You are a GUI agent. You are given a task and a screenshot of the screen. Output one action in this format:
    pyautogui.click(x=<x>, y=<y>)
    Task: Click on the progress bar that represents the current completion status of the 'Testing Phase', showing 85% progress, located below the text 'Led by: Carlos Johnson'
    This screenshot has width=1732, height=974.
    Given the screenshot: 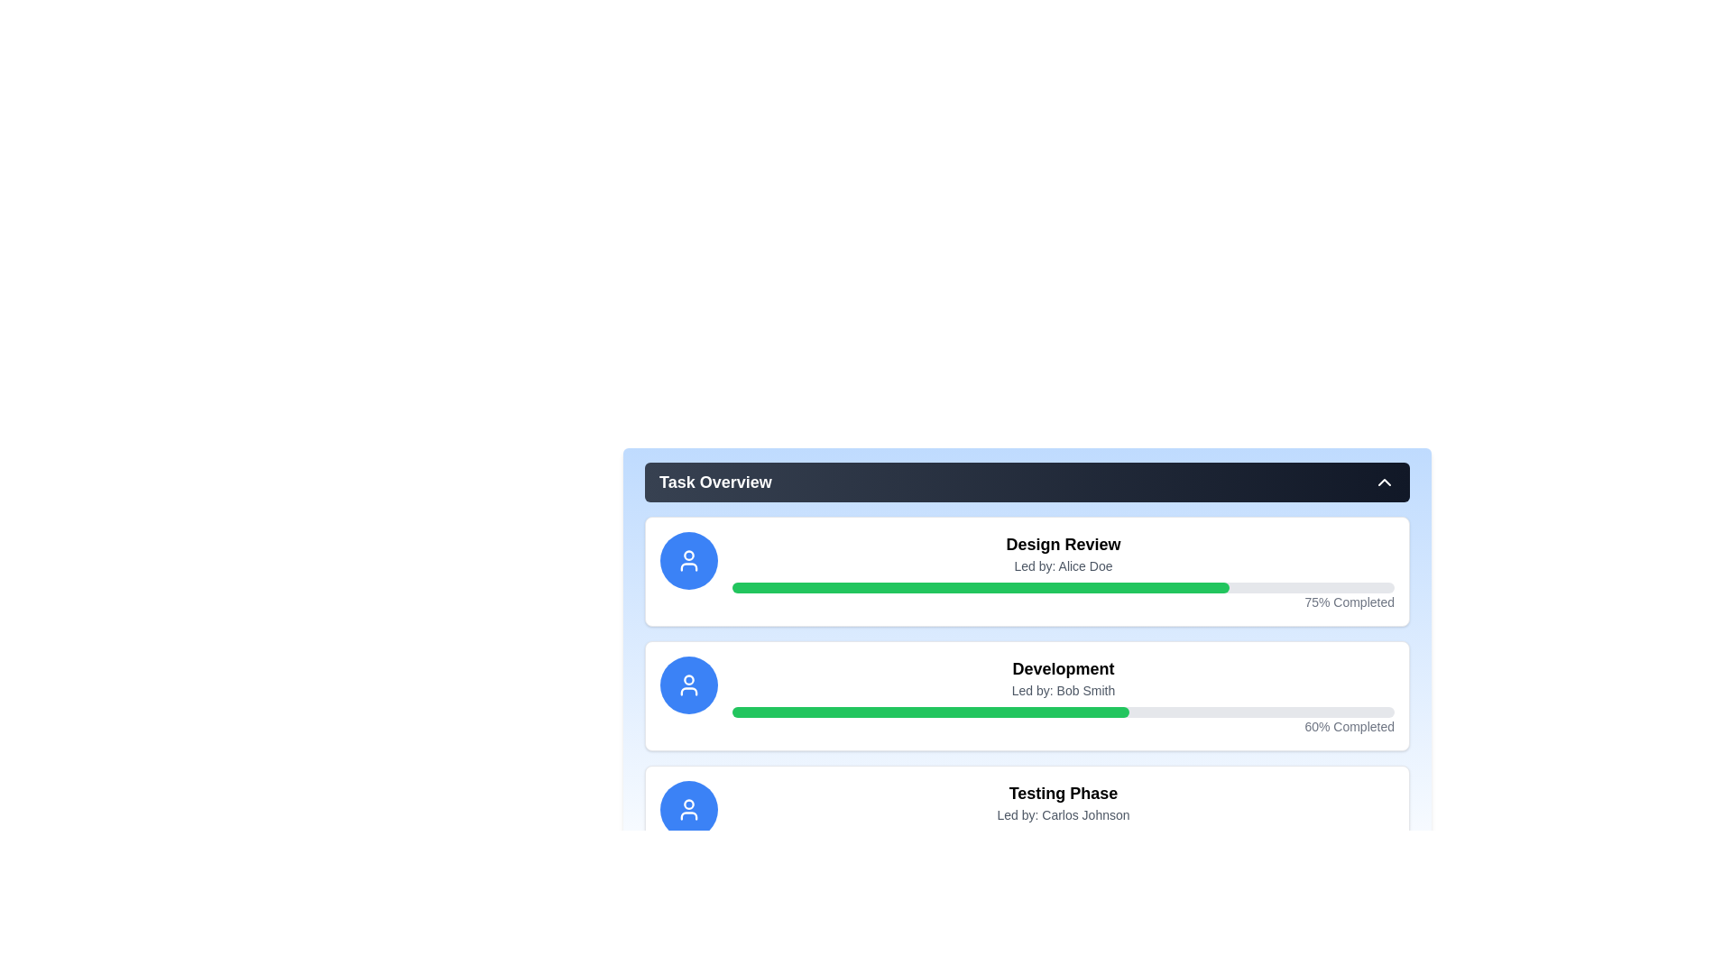 What is the action you would take?
    pyautogui.click(x=1064, y=837)
    